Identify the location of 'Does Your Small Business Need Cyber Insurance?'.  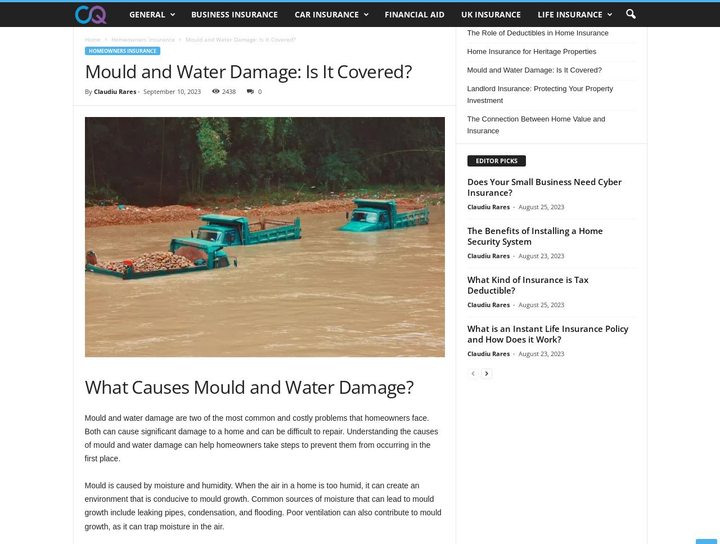
(544, 186).